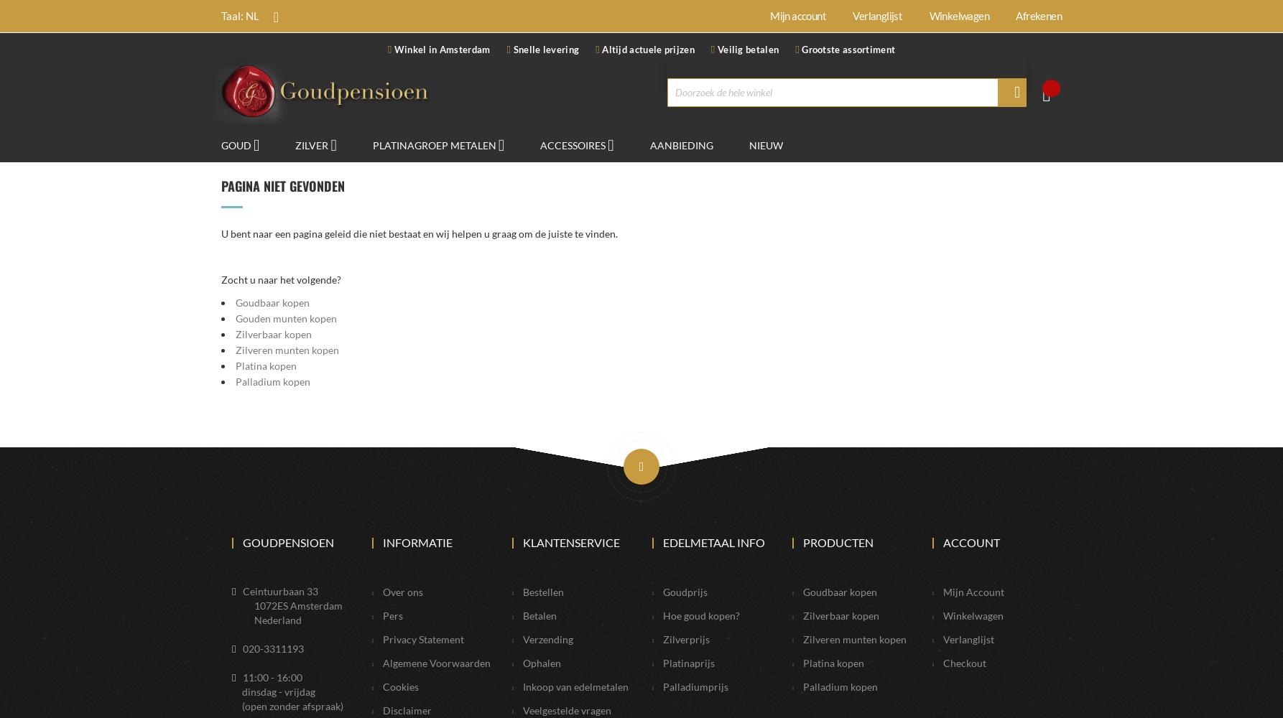 Image resolution: width=1283 pixels, height=718 pixels. I want to click on 'Afrekenen', so click(1037, 16).